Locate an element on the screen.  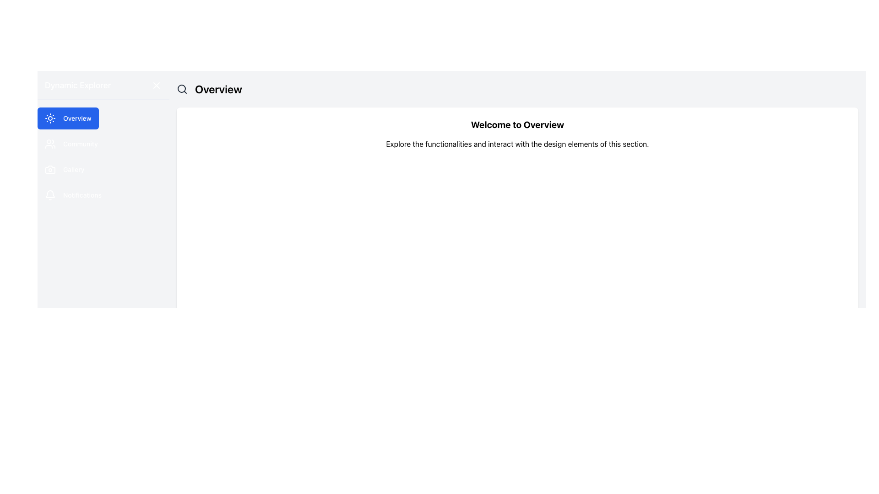
the gallery or camera icon located as the second item from the top in the left navigation menu is located at coordinates (50, 169).